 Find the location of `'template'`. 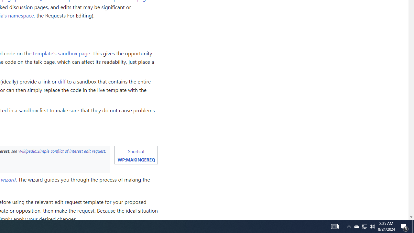

'template' is located at coordinates (61, 52).